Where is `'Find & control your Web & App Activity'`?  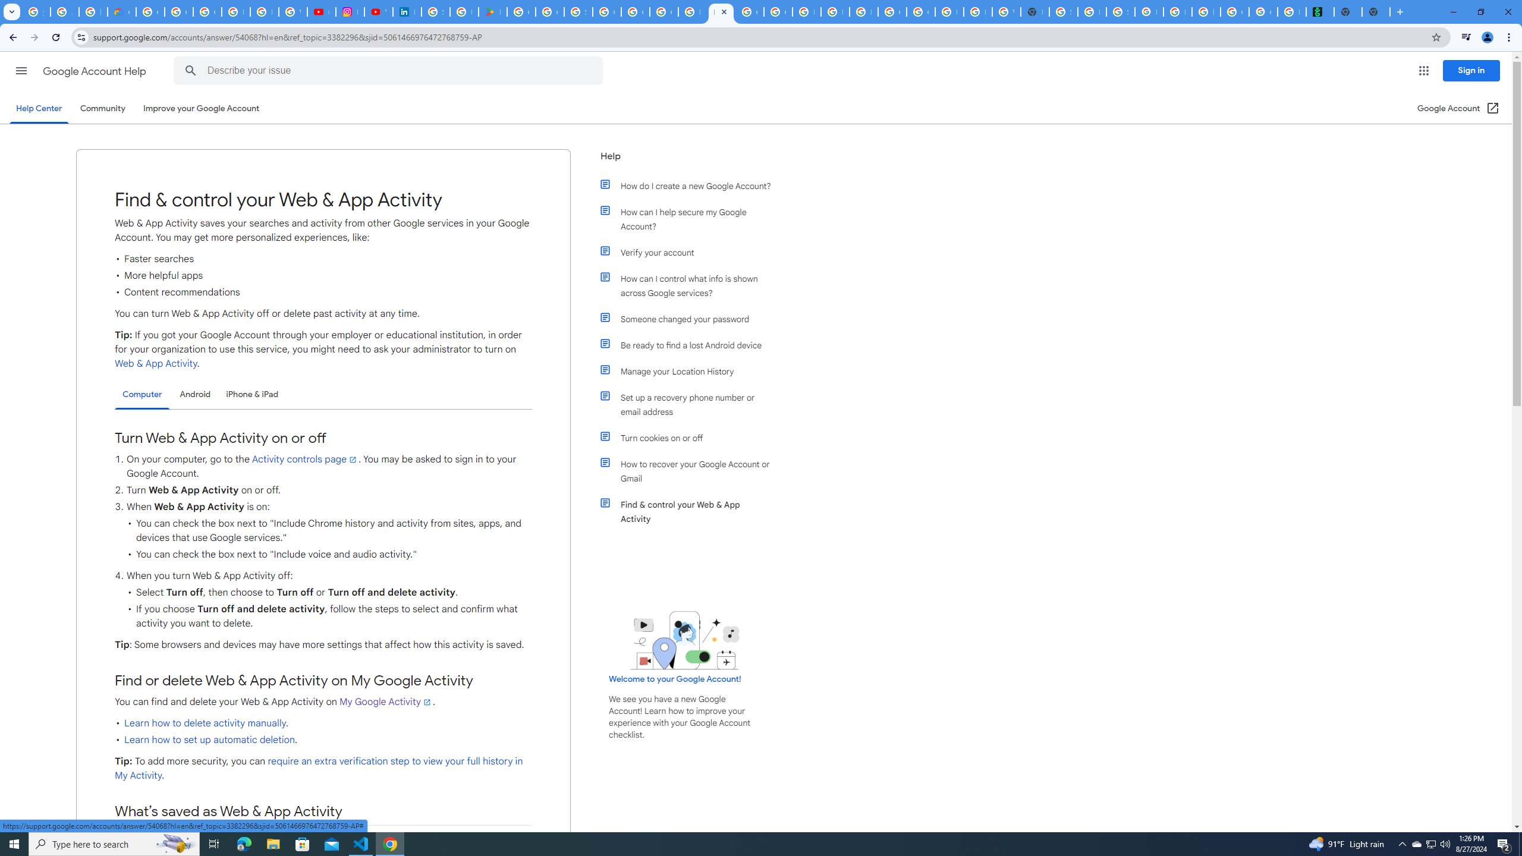
'Find & control your Web & App Activity' is located at coordinates (691, 512).